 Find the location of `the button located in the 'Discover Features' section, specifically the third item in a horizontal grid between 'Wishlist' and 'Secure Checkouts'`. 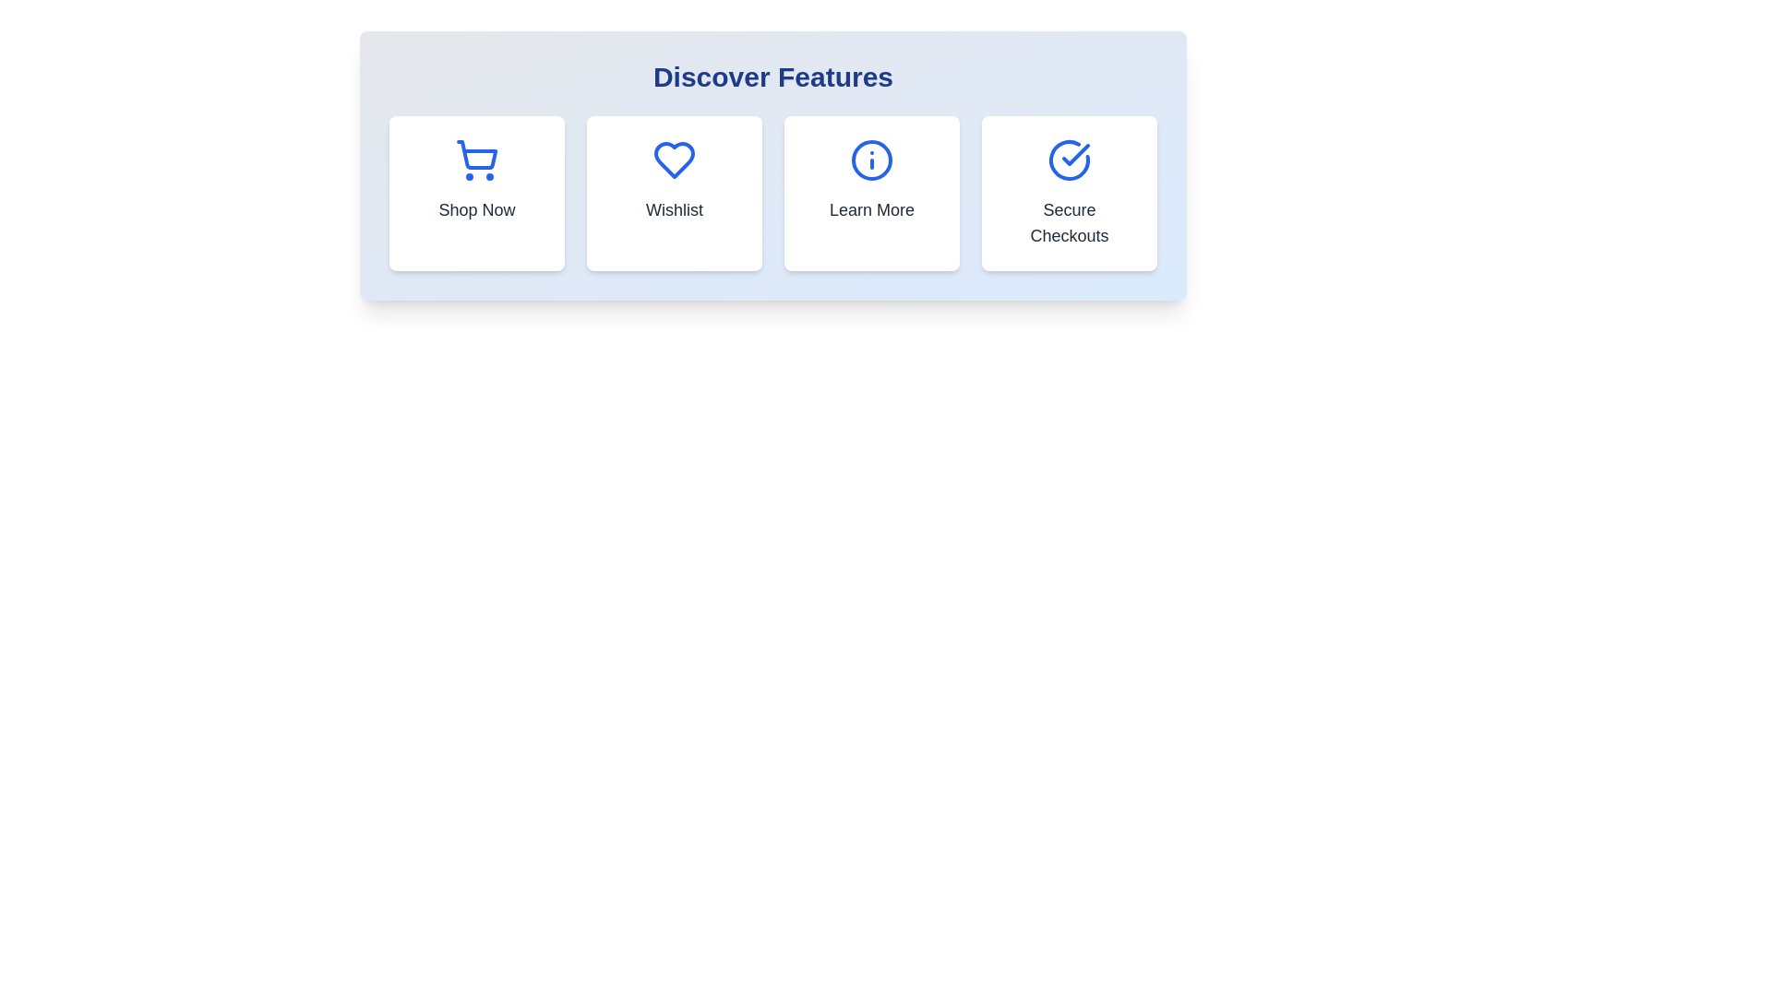

the button located in the 'Discover Features' section, specifically the third item in a horizontal grid between 'Wishlist' and 'Secure Checkouts' is located at coordinates (871, 193).